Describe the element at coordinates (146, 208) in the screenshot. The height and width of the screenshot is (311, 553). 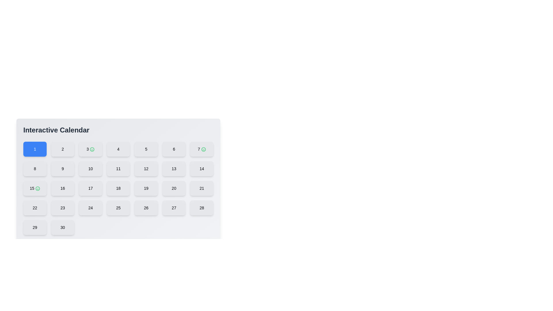
I see `the calendar date button labeled '26' to change its appearance, which is located in the fifth row and fifth column of the calendar grid` at that location.